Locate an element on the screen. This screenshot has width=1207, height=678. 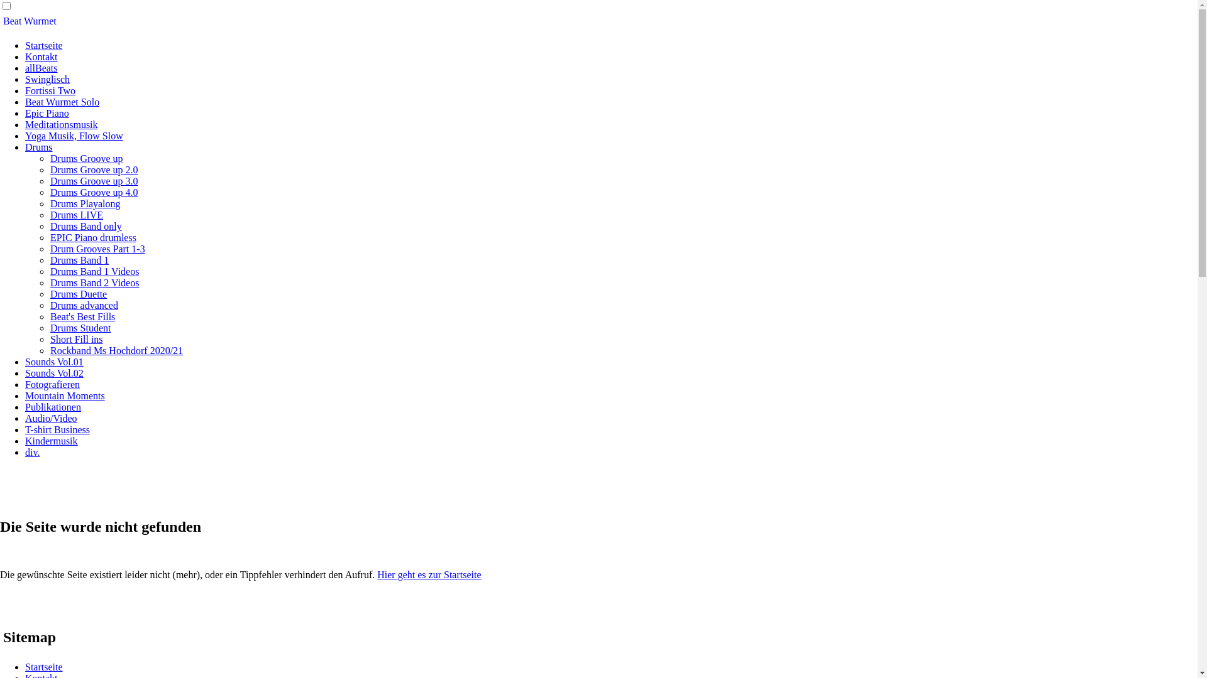
'Audio/Video' is located at coordinates (50, 418).